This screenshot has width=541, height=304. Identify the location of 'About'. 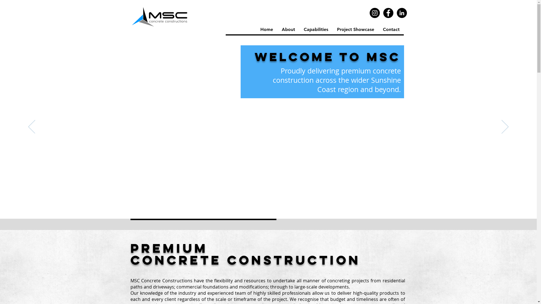
(288, 29).